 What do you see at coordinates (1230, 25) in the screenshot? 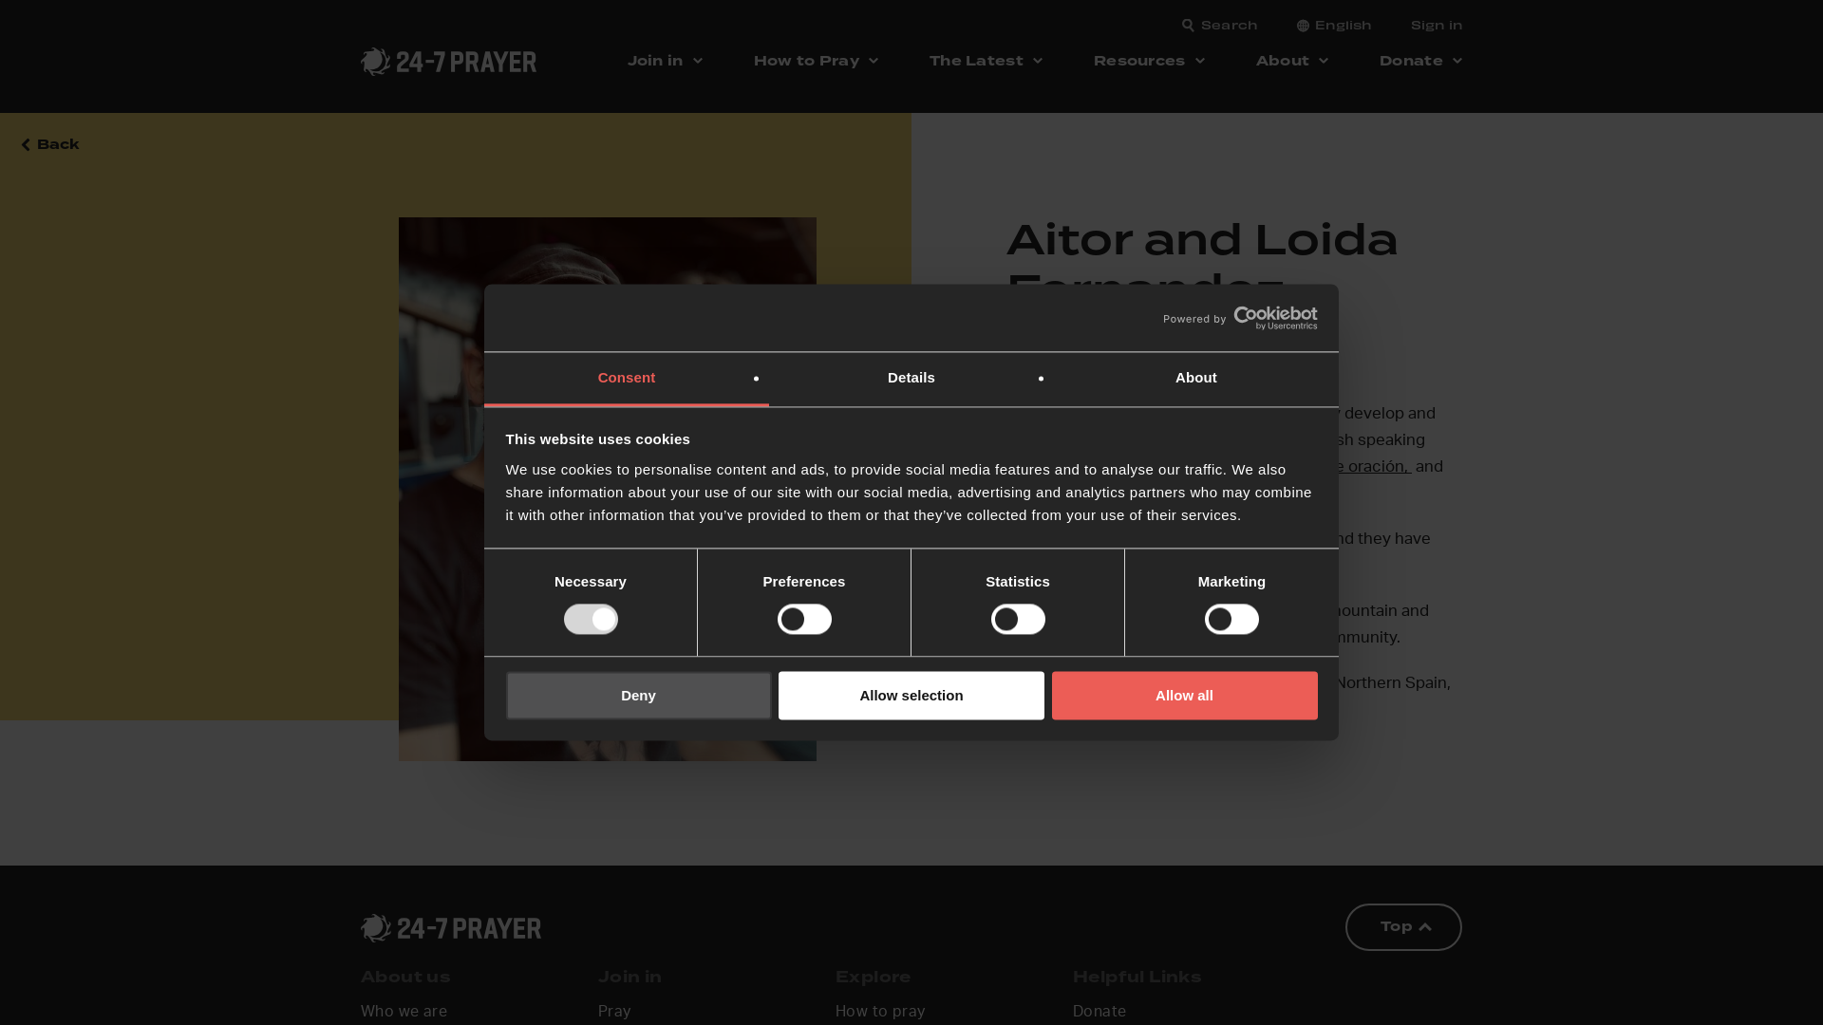
I see `'Search'` at bounding box center [1230, 25].